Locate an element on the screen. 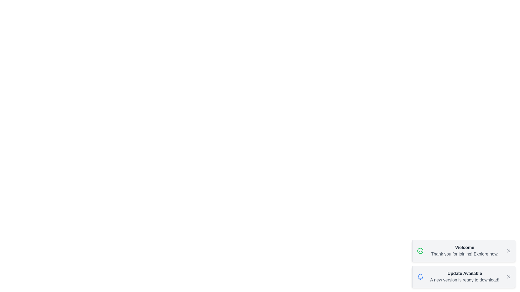 The height and width of the screenshot is (292, 520). the close button of the snackbar with the title Update Available is located at coordinates (508, 277).